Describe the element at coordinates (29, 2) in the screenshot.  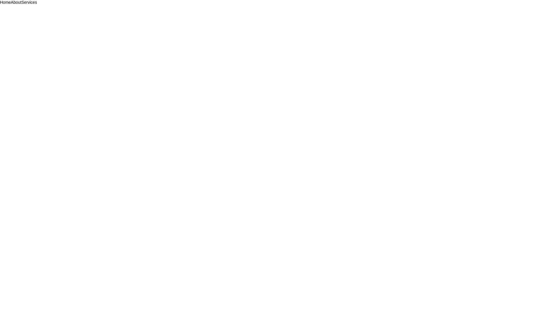
I see `'Services'` at that location.